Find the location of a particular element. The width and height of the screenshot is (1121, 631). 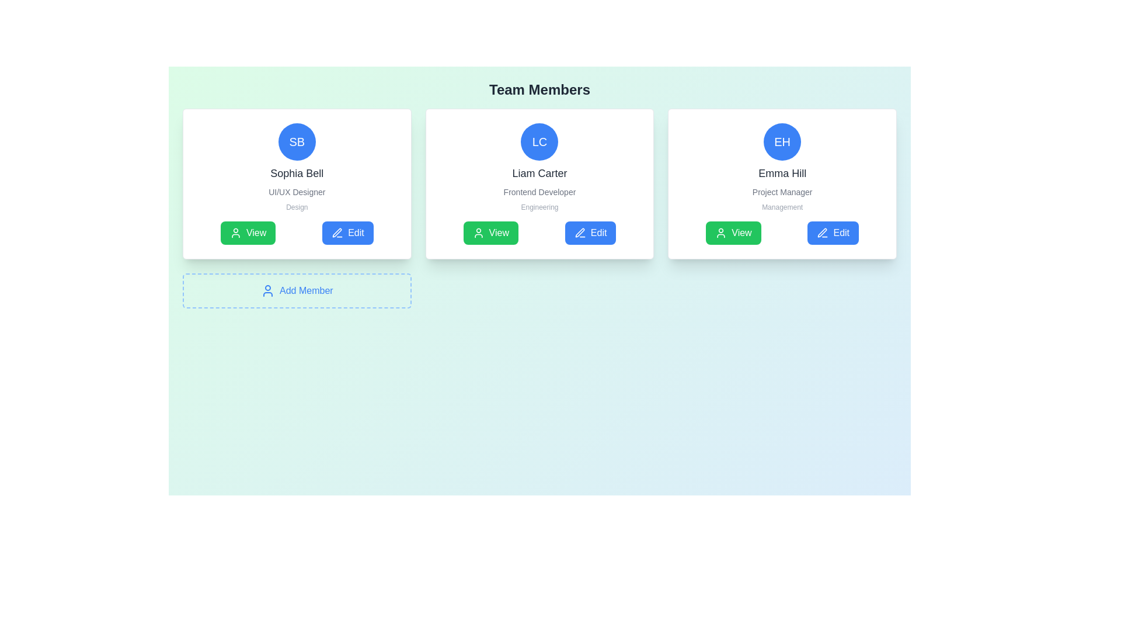

the interactive 'Add Member' button, which features a user icon and blue text, located below the team member cards is located at coordinates (297, 290).